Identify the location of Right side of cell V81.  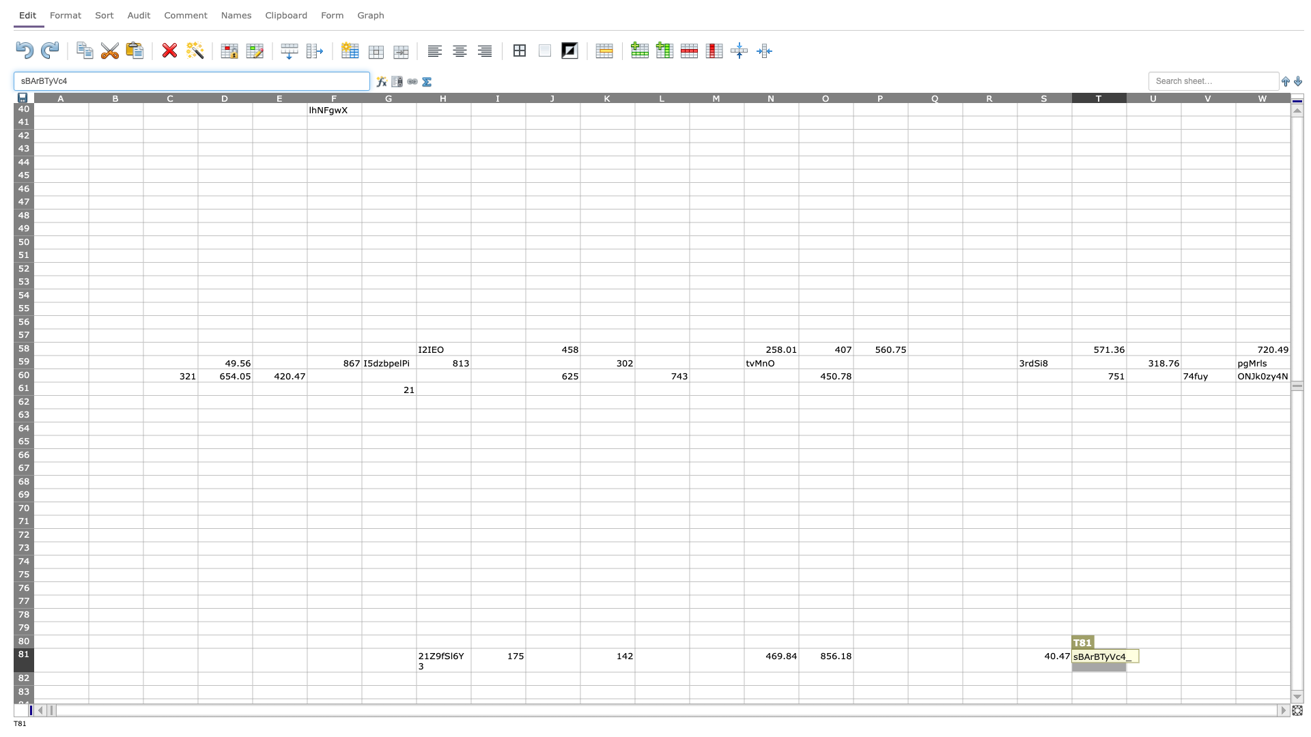
(1235, 659).